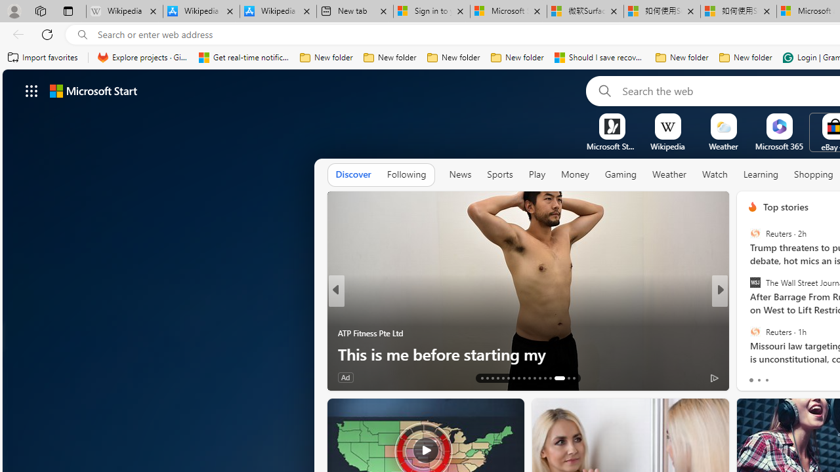  Describe the element at coordinates (481, 378) in the screenshot. I see `'AutomationID: tab-13'` at that location.